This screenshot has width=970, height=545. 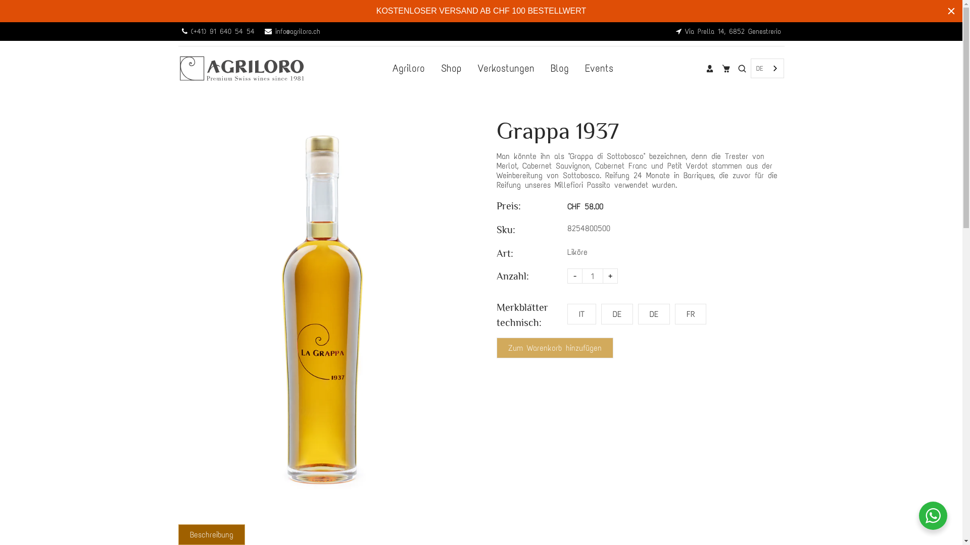 What do you see at coordinates (725, 68) in the screenshot?
I see `'Trolley'` at bounding box center [725, 68].